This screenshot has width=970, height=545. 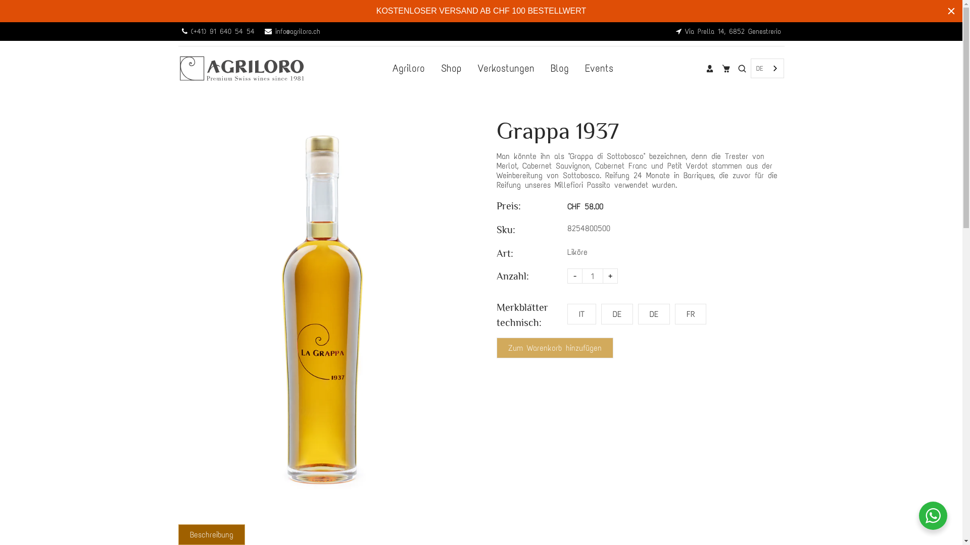 What do you see at coordinates (725, 68) in the screenshot?
I see `'Trolley'` at bounding box center [725, 68].